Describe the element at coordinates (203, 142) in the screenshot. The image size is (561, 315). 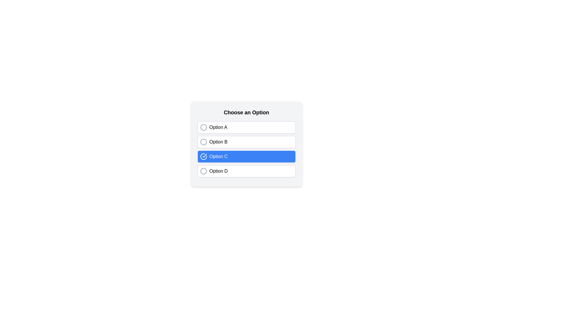
I see `the radio button for 'Option B'` at that location.